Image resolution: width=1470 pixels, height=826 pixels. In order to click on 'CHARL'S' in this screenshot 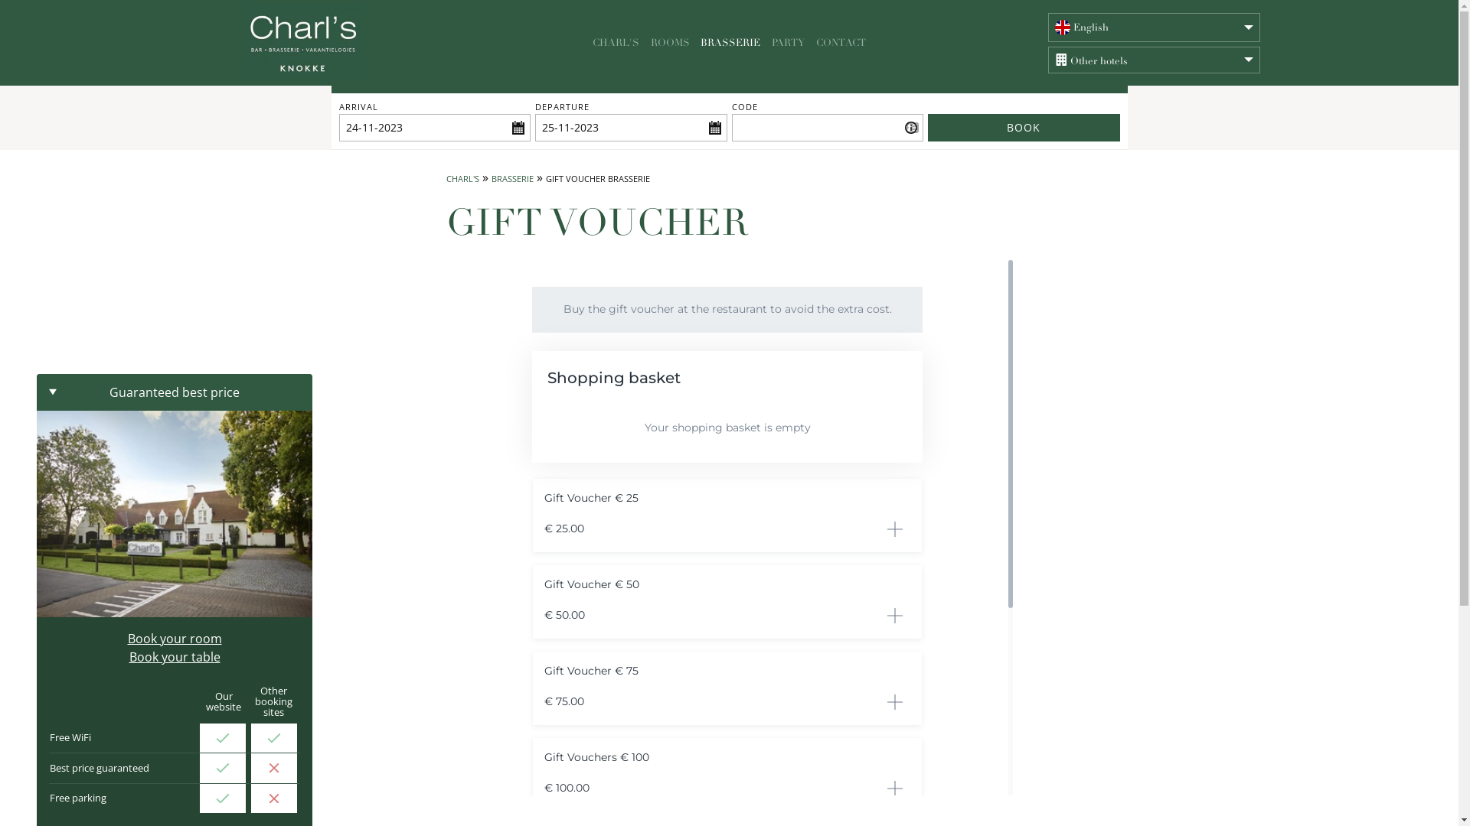, I will do `click(461, 178)`.